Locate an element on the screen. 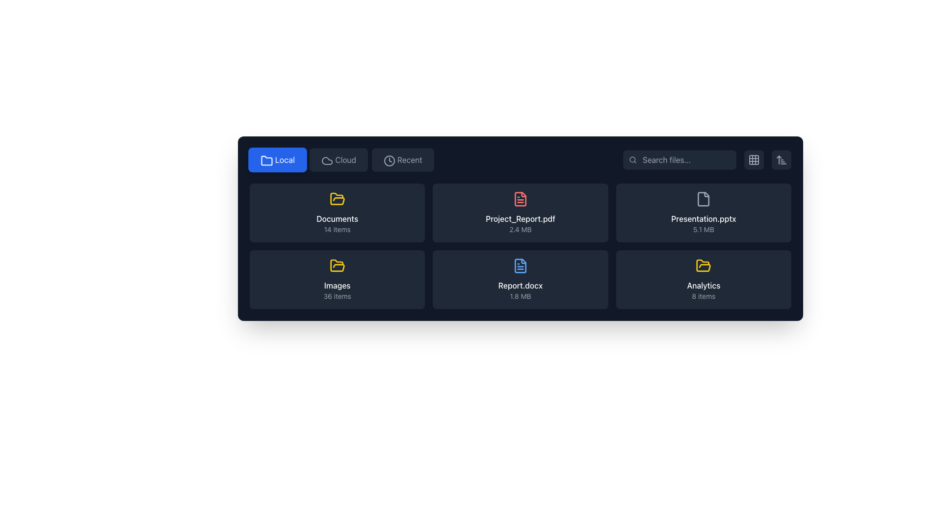 The image size is (942, 530). the text label displaying 'Report.docx' is located at coordinates (520, 286).